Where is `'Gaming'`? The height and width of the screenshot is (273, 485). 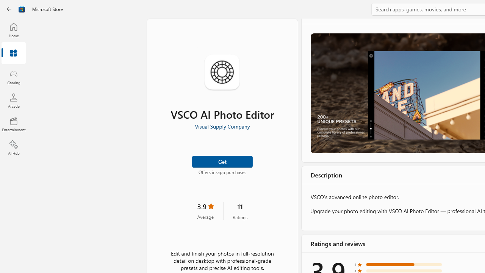 'Gaming' is located at coordinates (13, 77).